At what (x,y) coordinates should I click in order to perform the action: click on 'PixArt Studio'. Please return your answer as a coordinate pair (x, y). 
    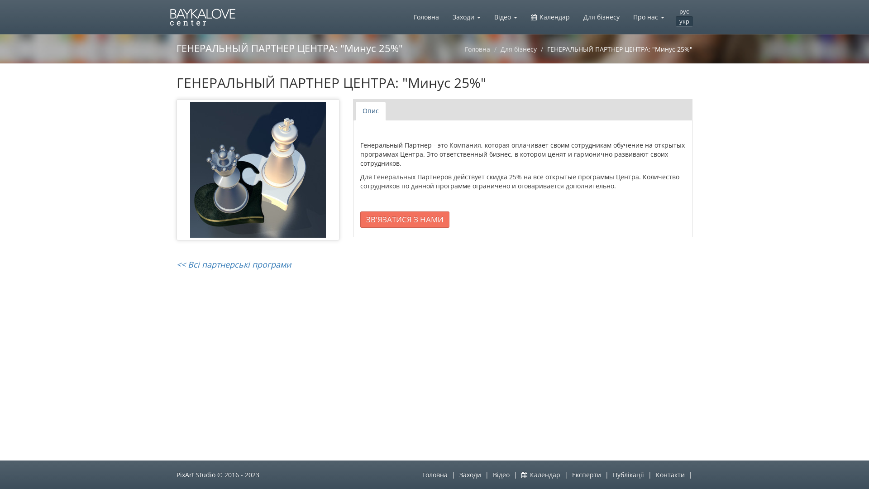
    Looking at the image, I should click on (195, 474).